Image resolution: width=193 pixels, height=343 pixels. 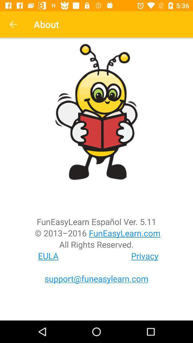 What do you see at coordinates (13, 24) in the screenshot?
I see `the icon next to about` at bounding box center [13, 24].